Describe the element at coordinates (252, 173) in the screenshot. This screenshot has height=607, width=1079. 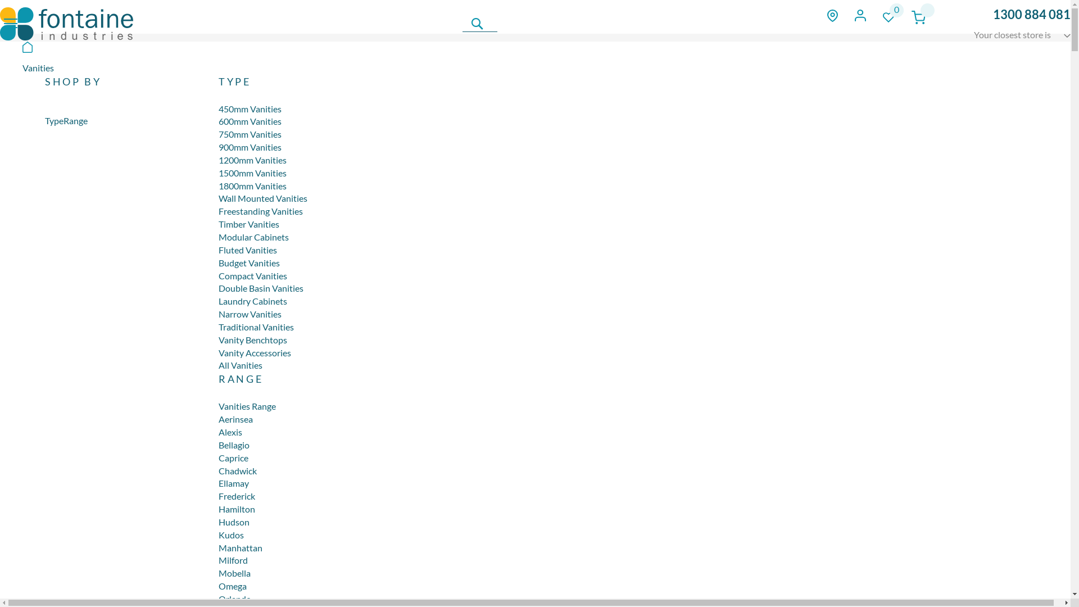
I see `'1500mm Vanities'` at that location.